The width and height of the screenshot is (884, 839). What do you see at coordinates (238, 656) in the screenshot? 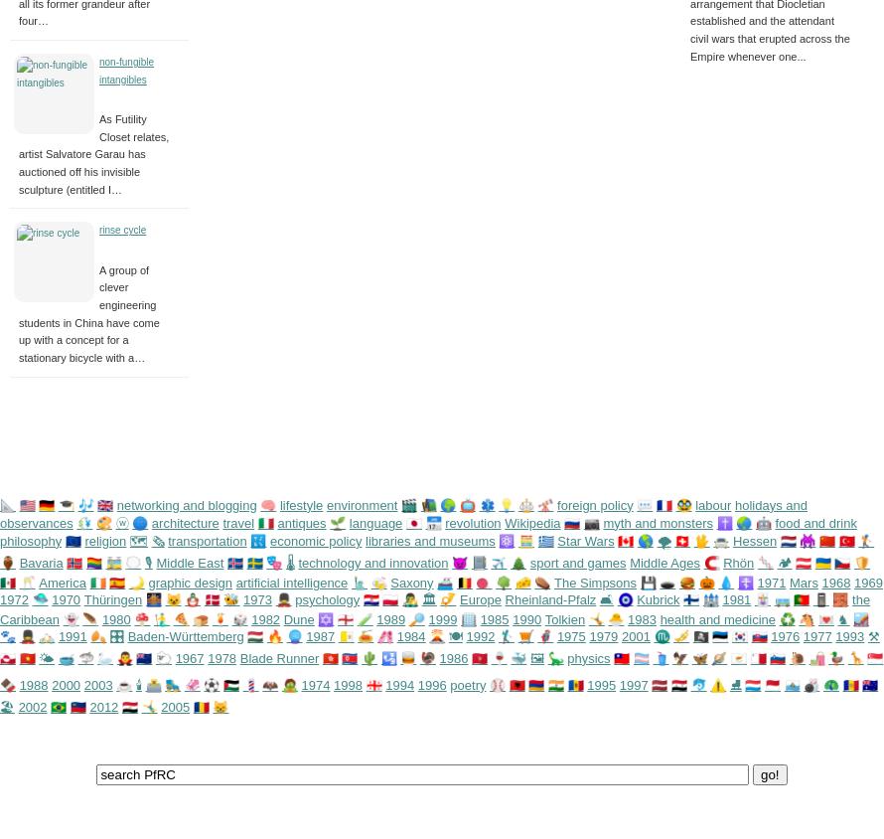
I see `'Blade Runner'` at bounding box center [238, 656].